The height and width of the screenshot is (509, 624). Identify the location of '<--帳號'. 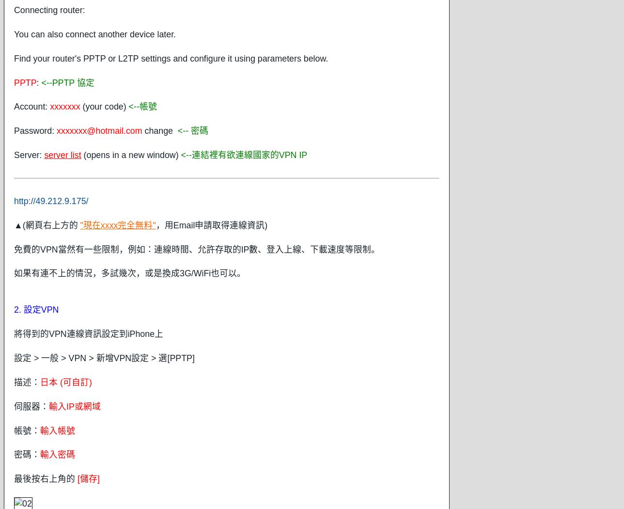
(142, 106).